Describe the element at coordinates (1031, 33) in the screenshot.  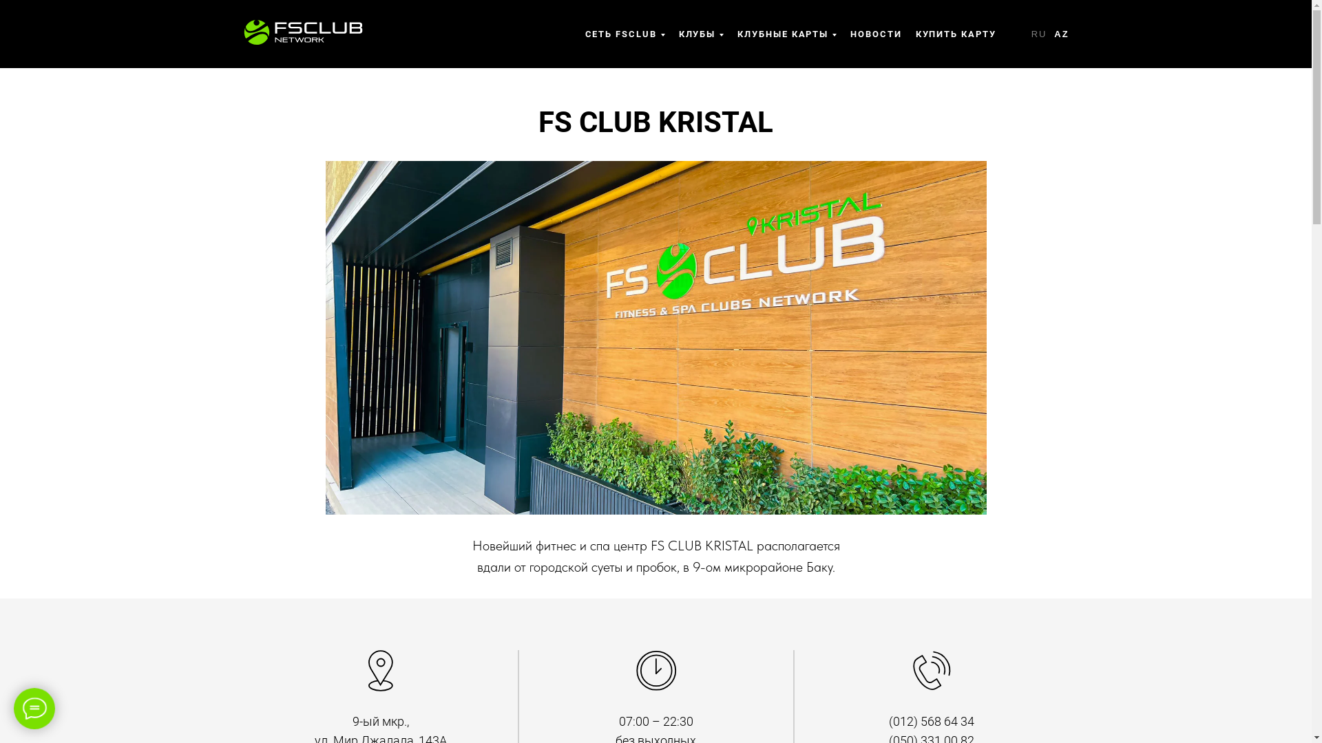
I see `'RU'` at that location.